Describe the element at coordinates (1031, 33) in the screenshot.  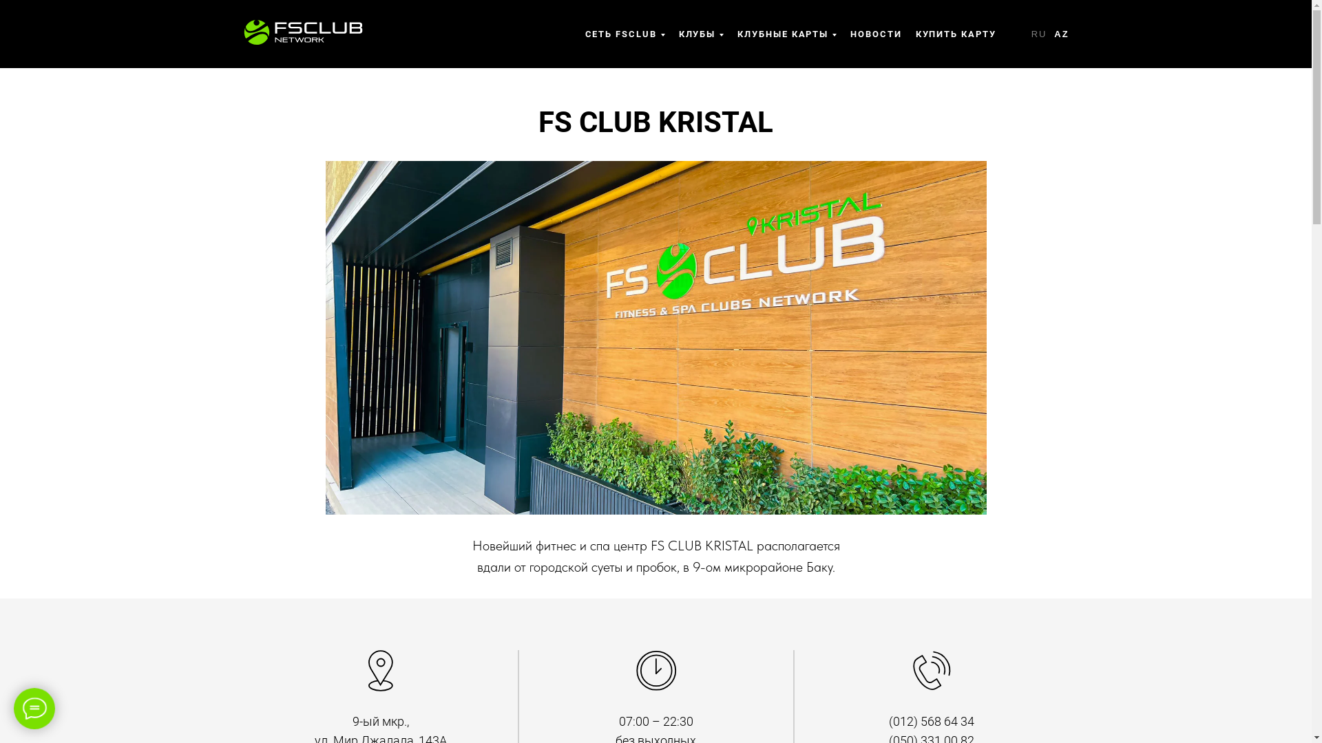
I see `'RU'` at that location.